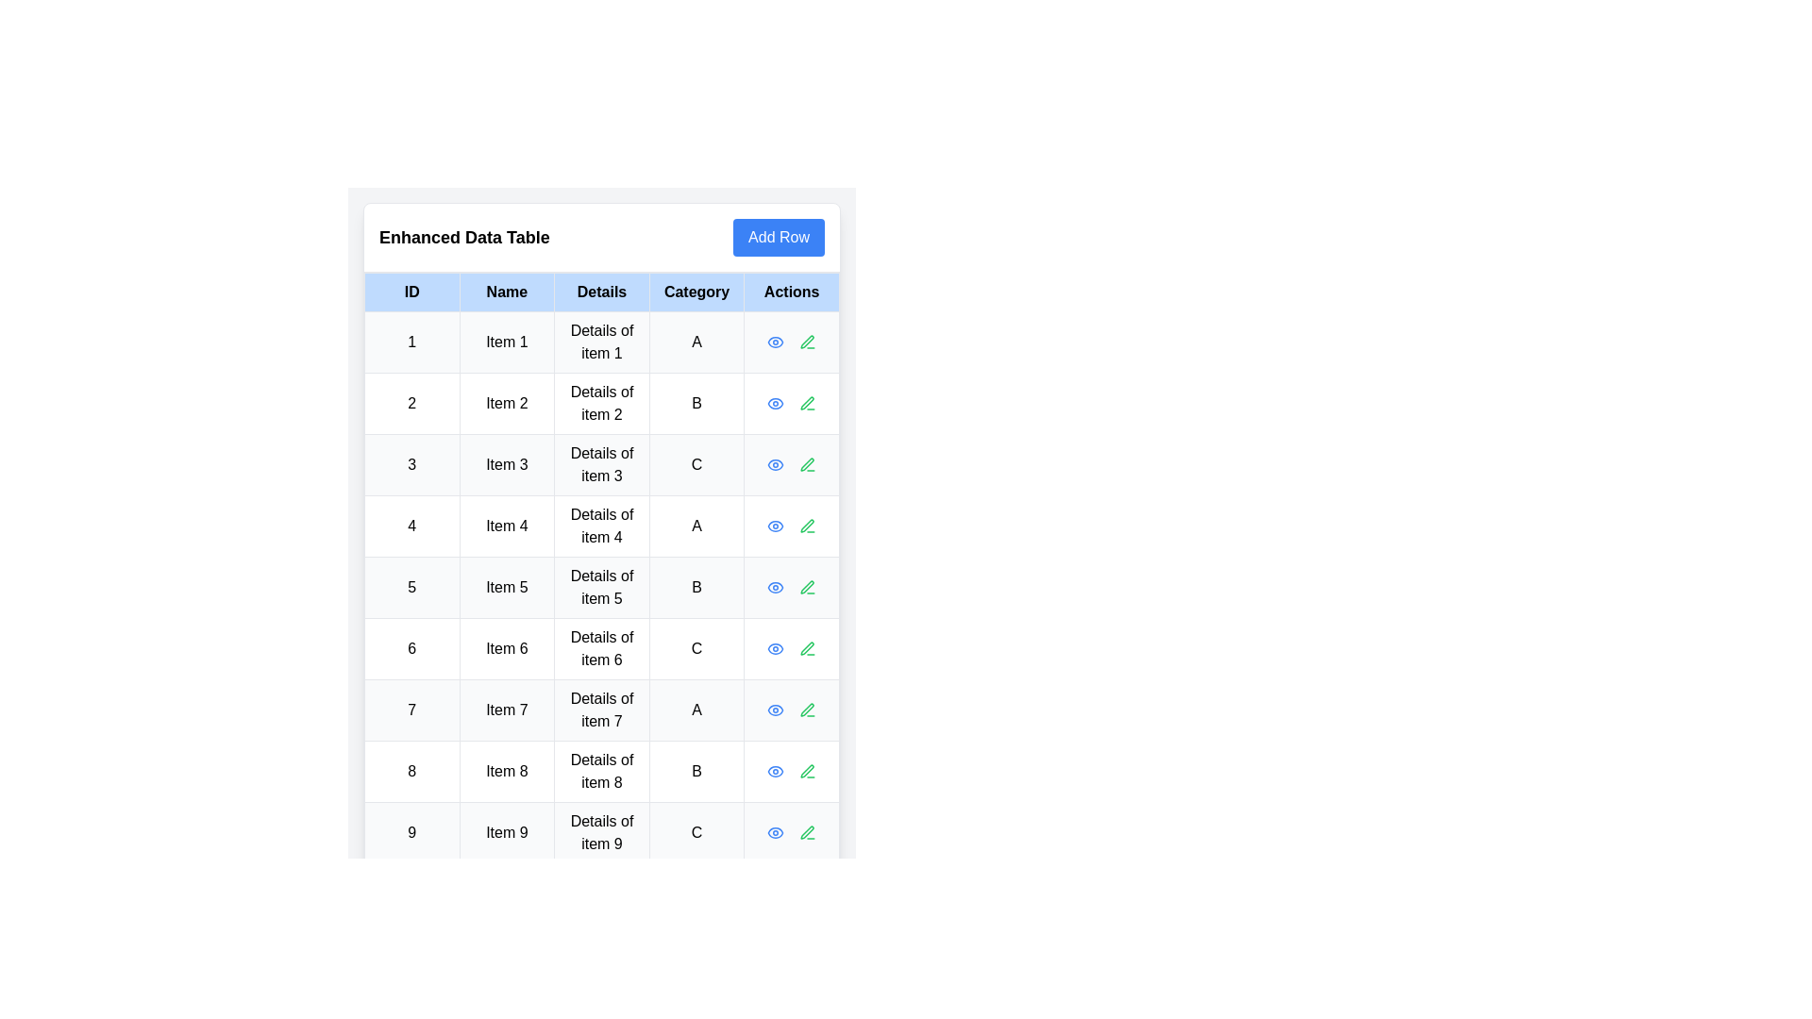  What do you see at coordinates (696, 526) in the screenshot?
I see `the static text element displaying the capital letter 'A' in the 'Category' column of the fourth row in the data table` at bounding box center [696, 526].